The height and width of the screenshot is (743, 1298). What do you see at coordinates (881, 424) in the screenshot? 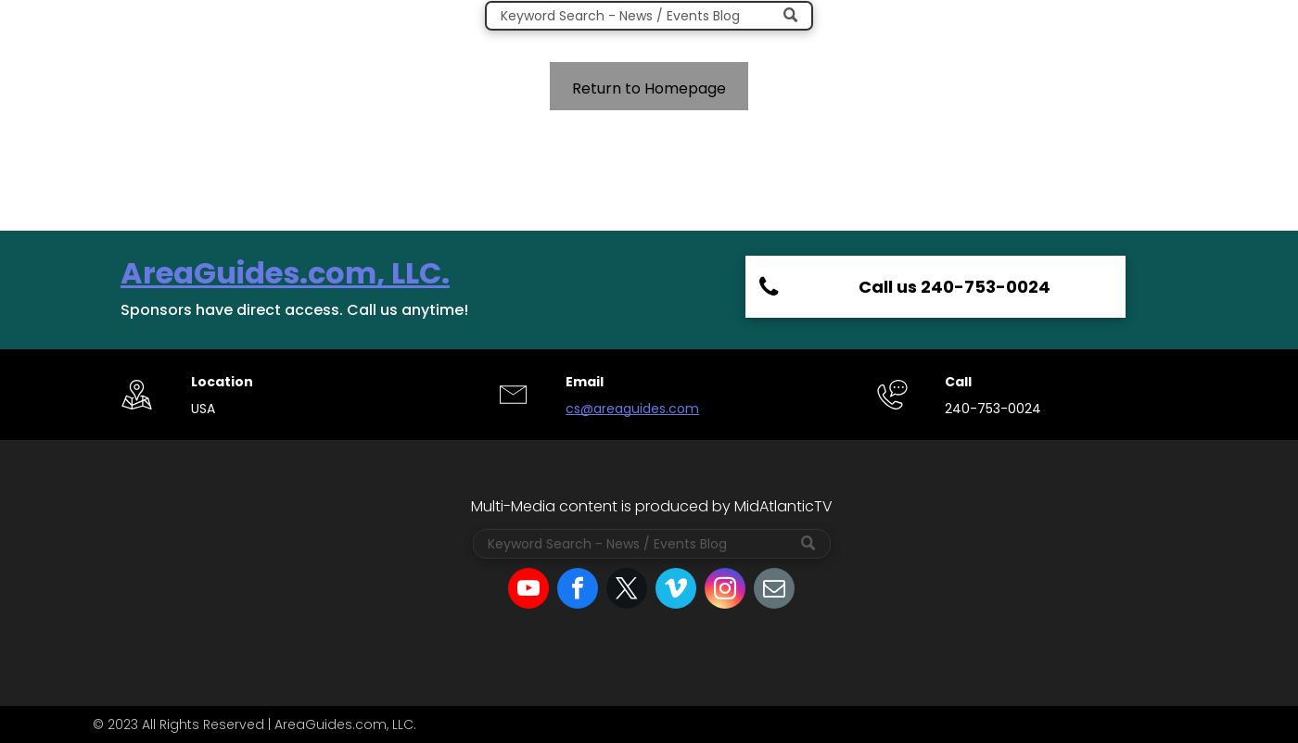
I see `'Electronic Marine, Inc.'` at bounding box center [881, 424].